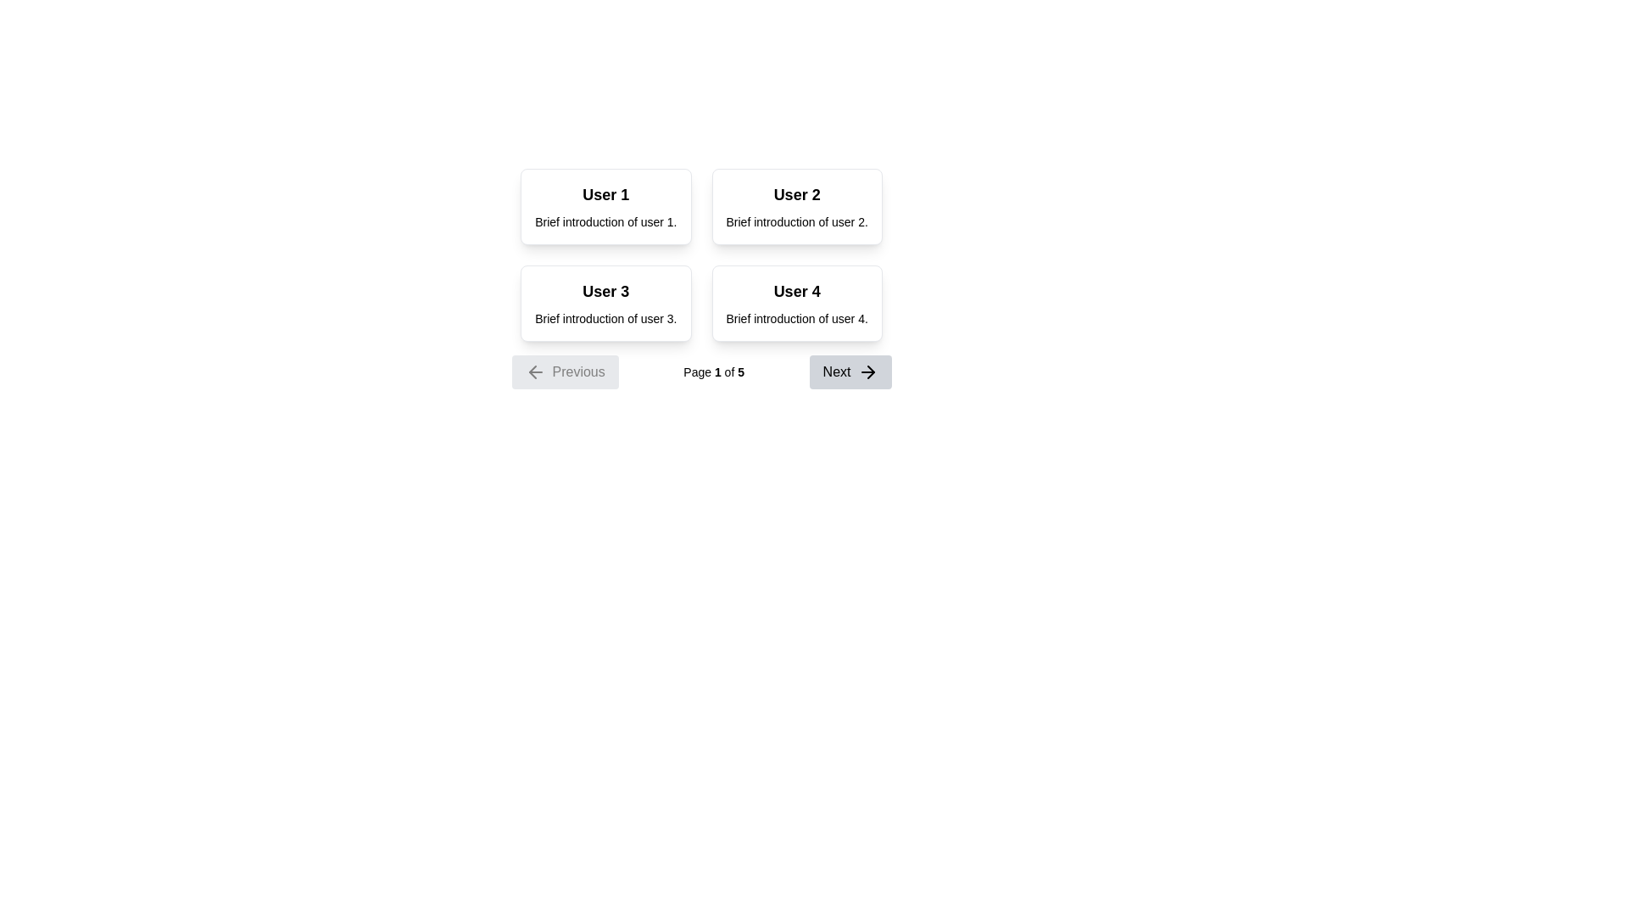 The height and width of the screenshot is (916, 1628). What do you see at coordinates (605, 205) in the screenshot?
I see `the user representation card displaying the name and brief description, located at the top left of the grid layout` at bounding box center [605, 205].